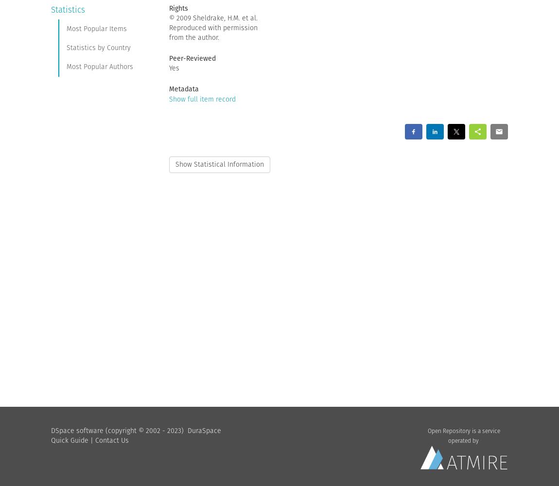  I want to click on '© 2009 Sheldrake, H.M. et al. Reproduced with permission from the author.', so click(213, 27).